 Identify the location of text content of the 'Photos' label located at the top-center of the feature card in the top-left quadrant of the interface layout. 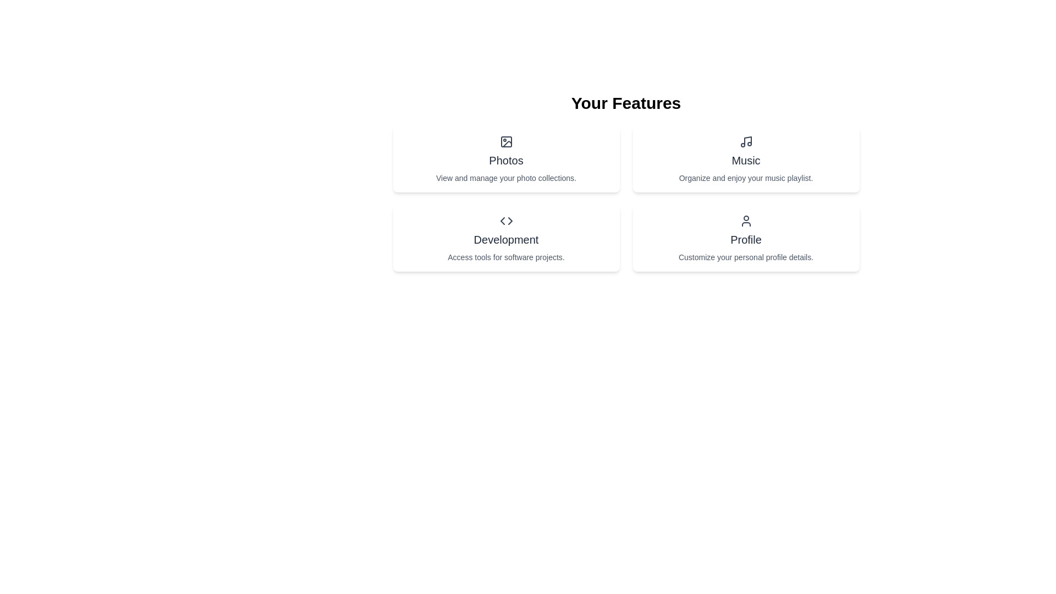
(505, 161).